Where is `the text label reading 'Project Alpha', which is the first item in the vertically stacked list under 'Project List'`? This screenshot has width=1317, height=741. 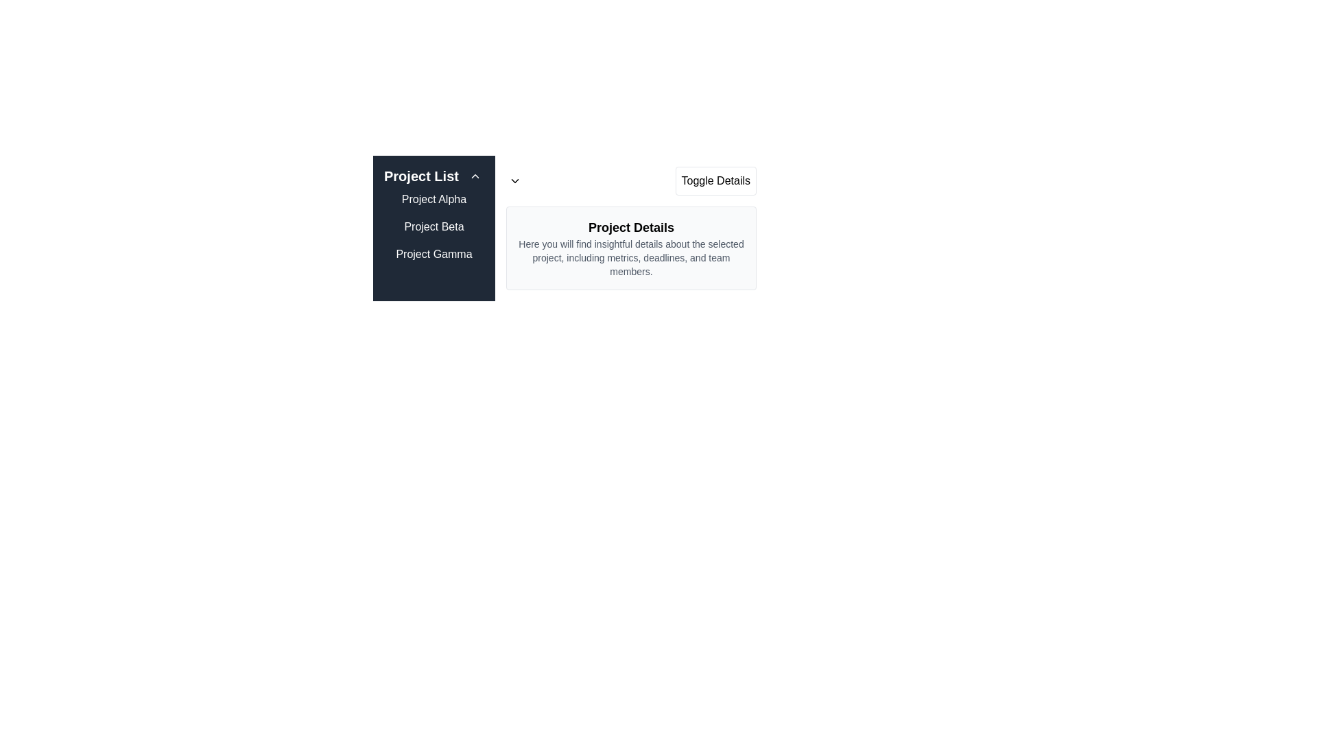 the text label reading 'Project Alpha', which is the first item in the vertically stacked list under 'Project List' is located at coordinates (434, 199).